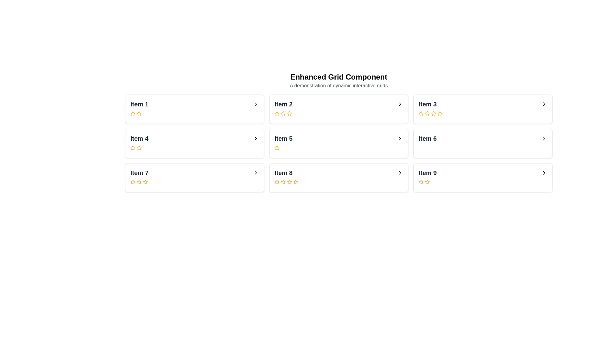 This screenshot has width=599, height=337. I want to click on the third yellow outlined star icon in the rating set under the 'Item 7' card, so click(139, 182).